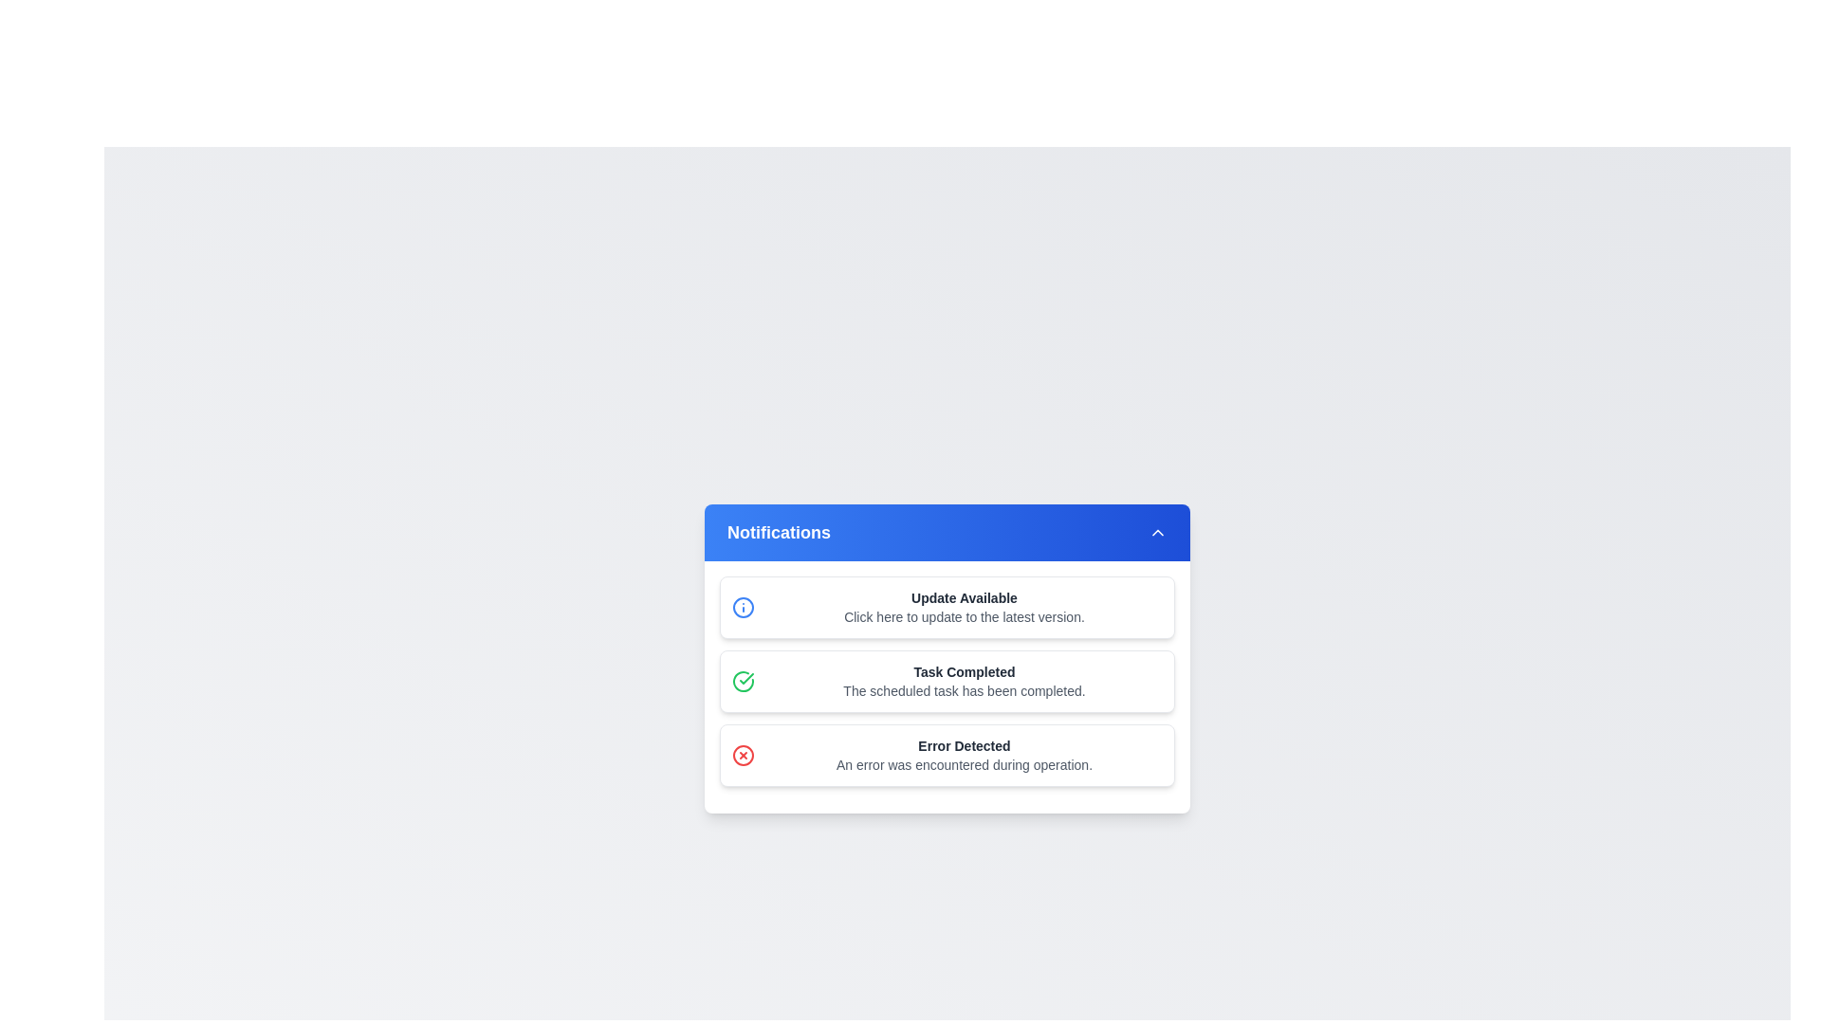 The image size is (1821, 1024). Describe the element at coordinates (965, 755) in the screenshot. I see `the error notification card located centrally at the bottom of the UI by clicking on it` at that location.